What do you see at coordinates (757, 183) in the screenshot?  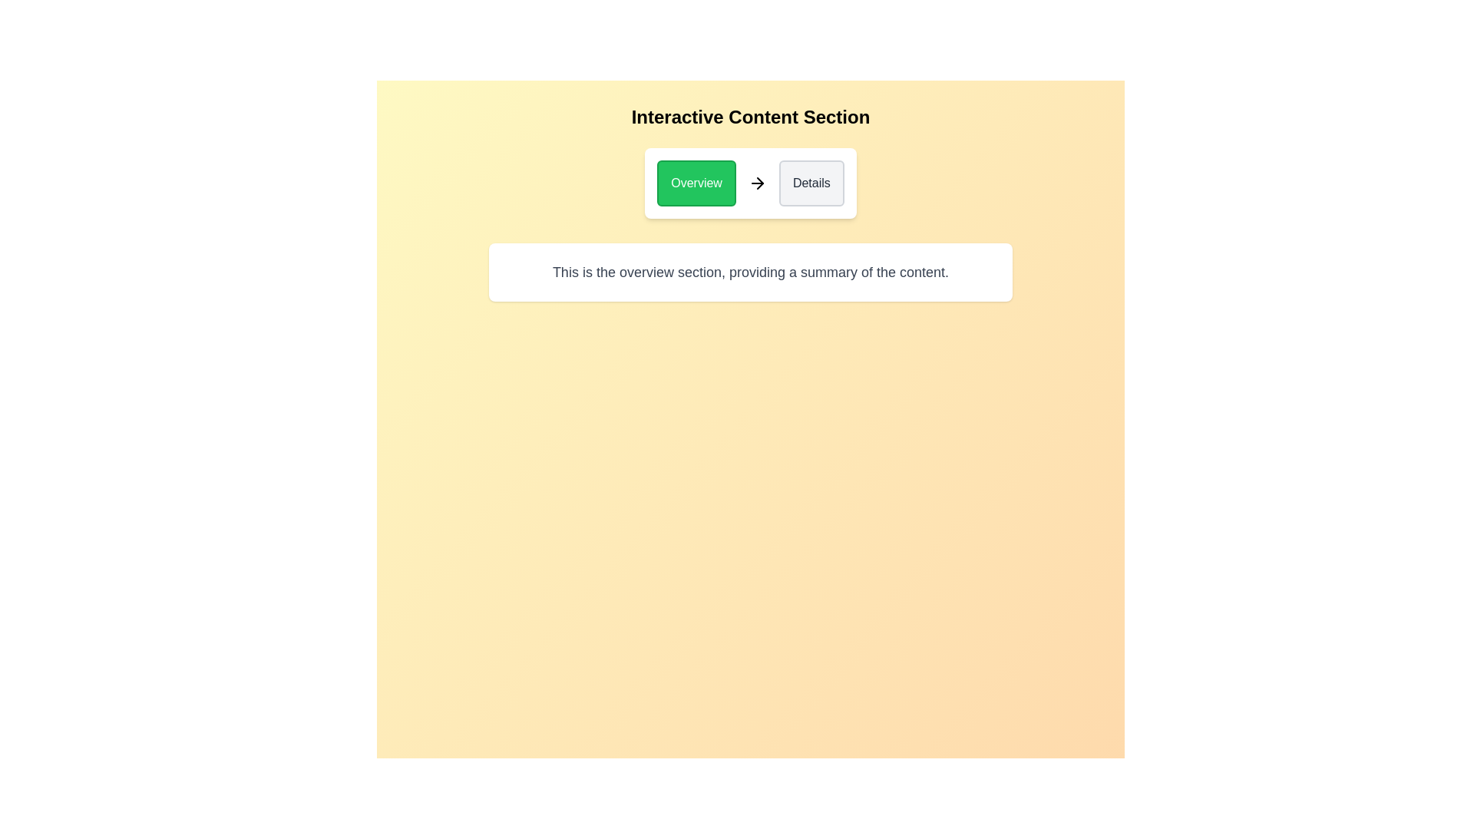 I see `the arrow icon to navigate to the next section` at bounding box center [757, 183].